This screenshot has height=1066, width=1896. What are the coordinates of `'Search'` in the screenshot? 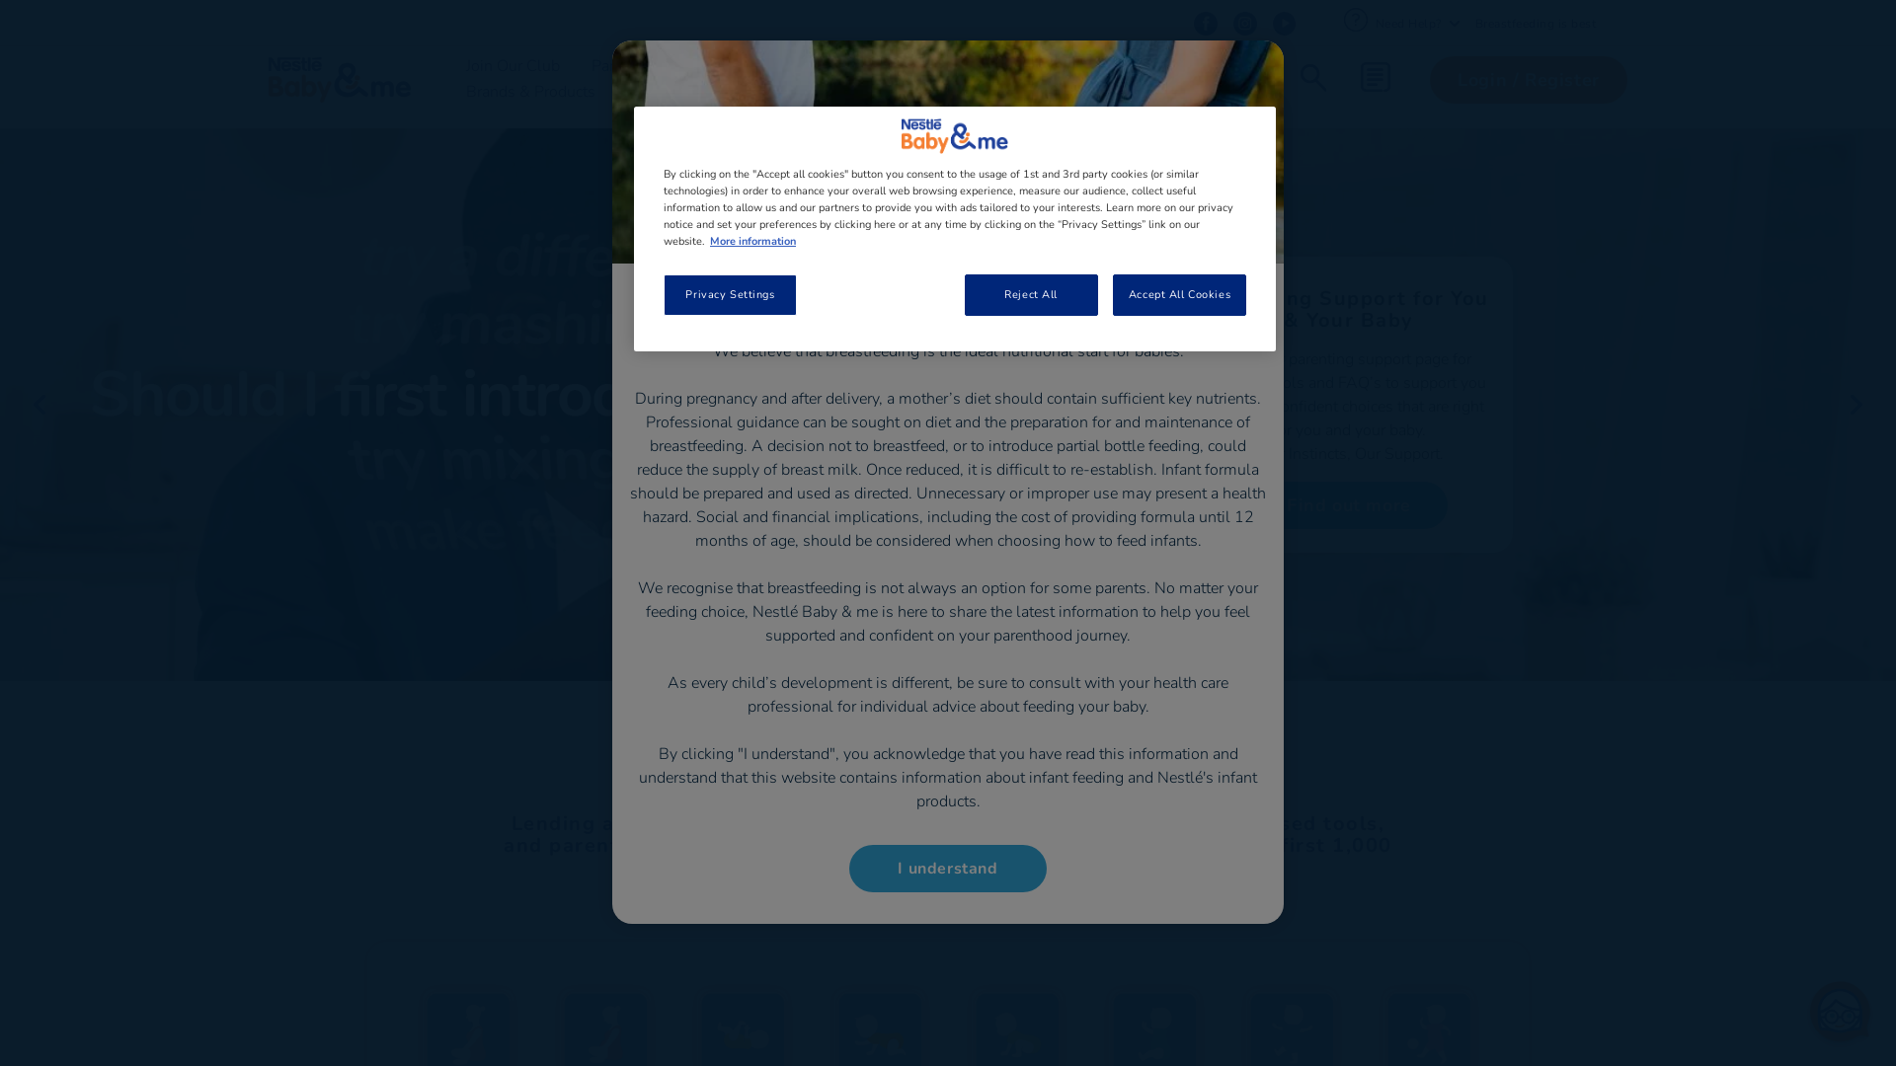 It's located at (1312, 79).